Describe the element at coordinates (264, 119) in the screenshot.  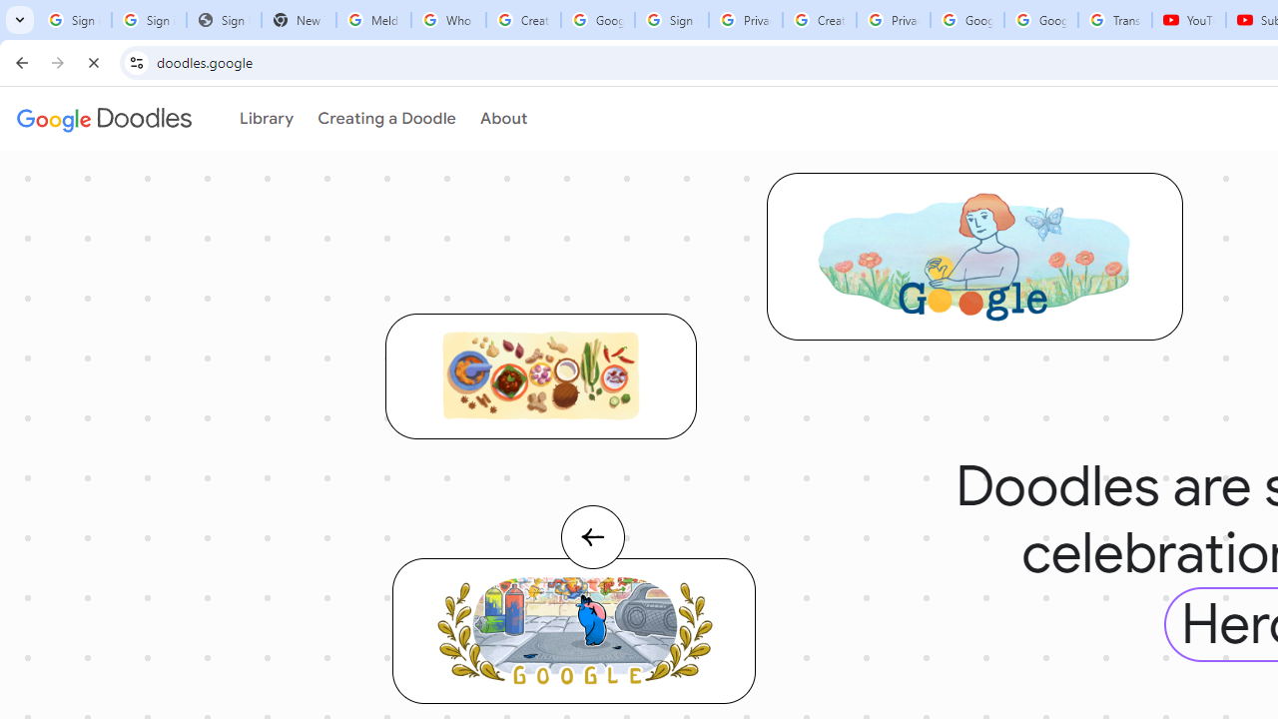
I see `'Library'` at that location.